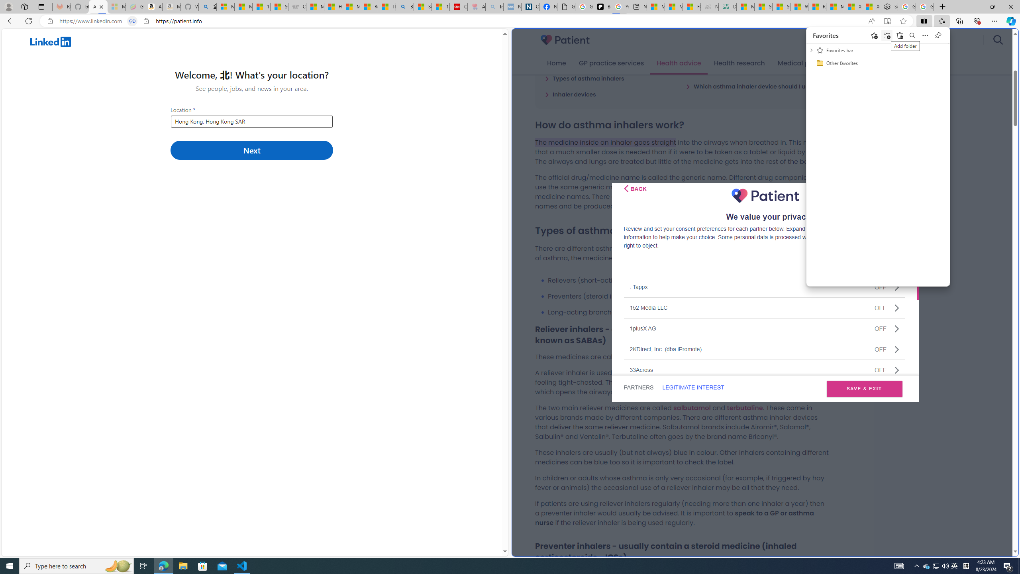 Image resolution: width=1020 pixels, height=574 pixels. What do you see at coordinates (912, 35) in the screenshot?
I see `'Search favorites'` at bounding box center [912, 35].